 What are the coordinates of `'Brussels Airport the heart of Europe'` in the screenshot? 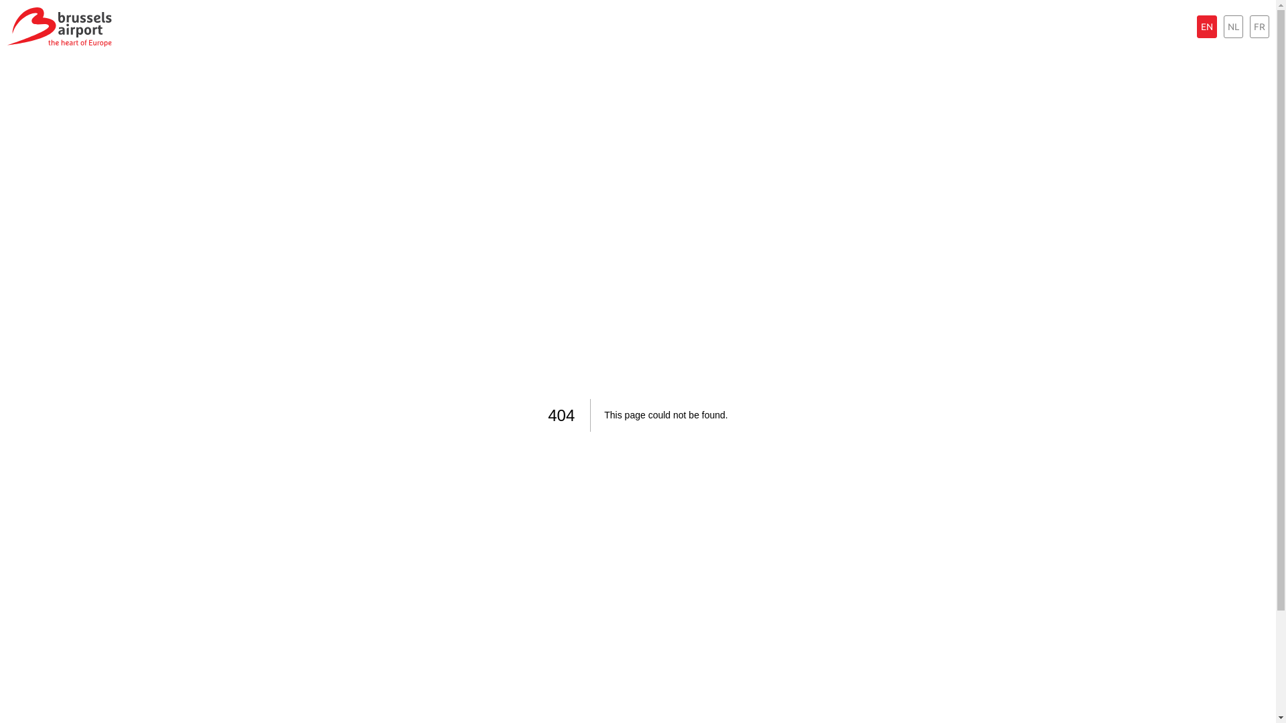 It's located at (59, 26).